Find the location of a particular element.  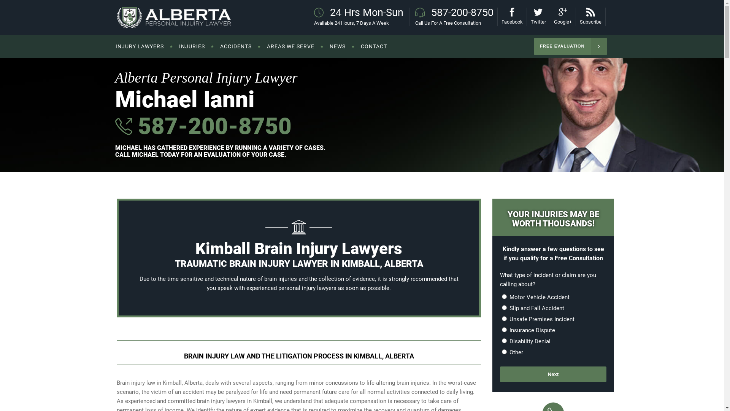

'INJURY LAWYERS' is located at coordinates (143, 46).